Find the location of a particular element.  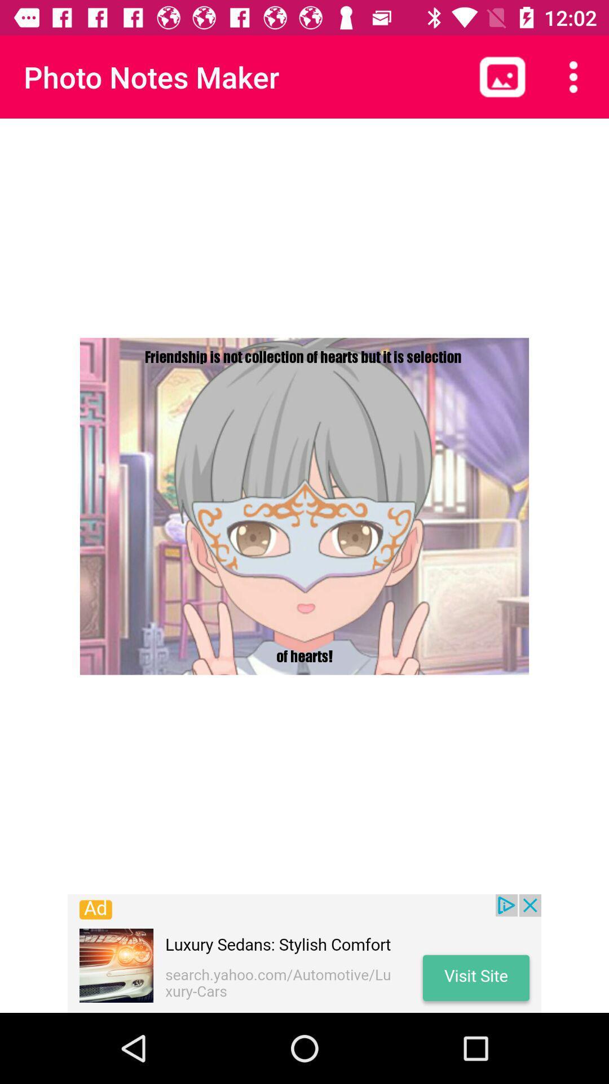

menu is located at coordinates (573, 76).